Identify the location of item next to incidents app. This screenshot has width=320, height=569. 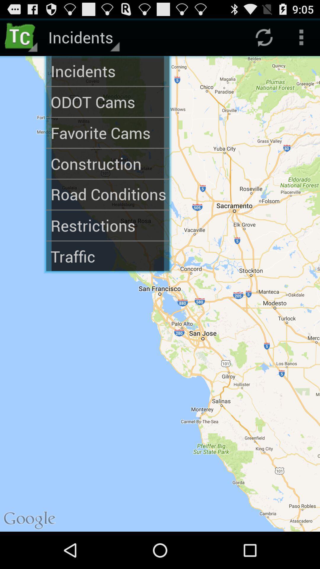
(21, 37).